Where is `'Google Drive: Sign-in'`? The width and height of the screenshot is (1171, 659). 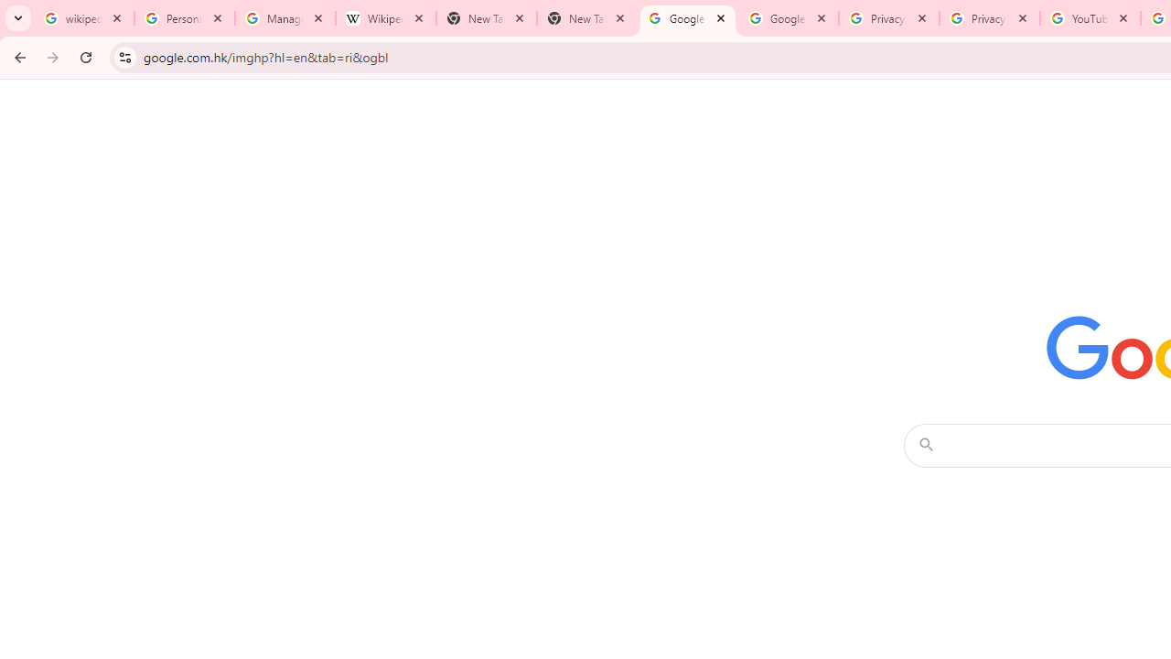 'Google Drive: Sign-in' is located at coordinates (788, 18).